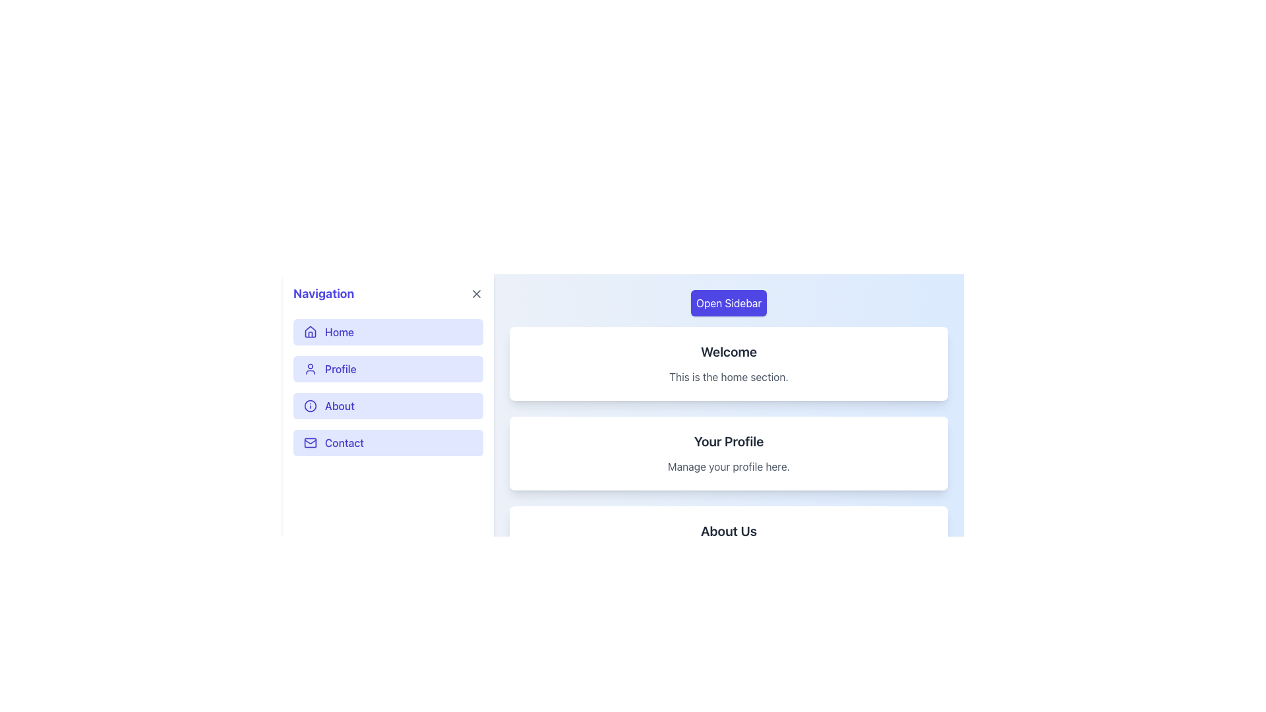  What do you see at coordinates (309, 330) in the screenshot?
I see `the house-shaped icon with a blue stroke located in the navigation sidebar next to the 'Home' text label` at bounding box center [309, 330].